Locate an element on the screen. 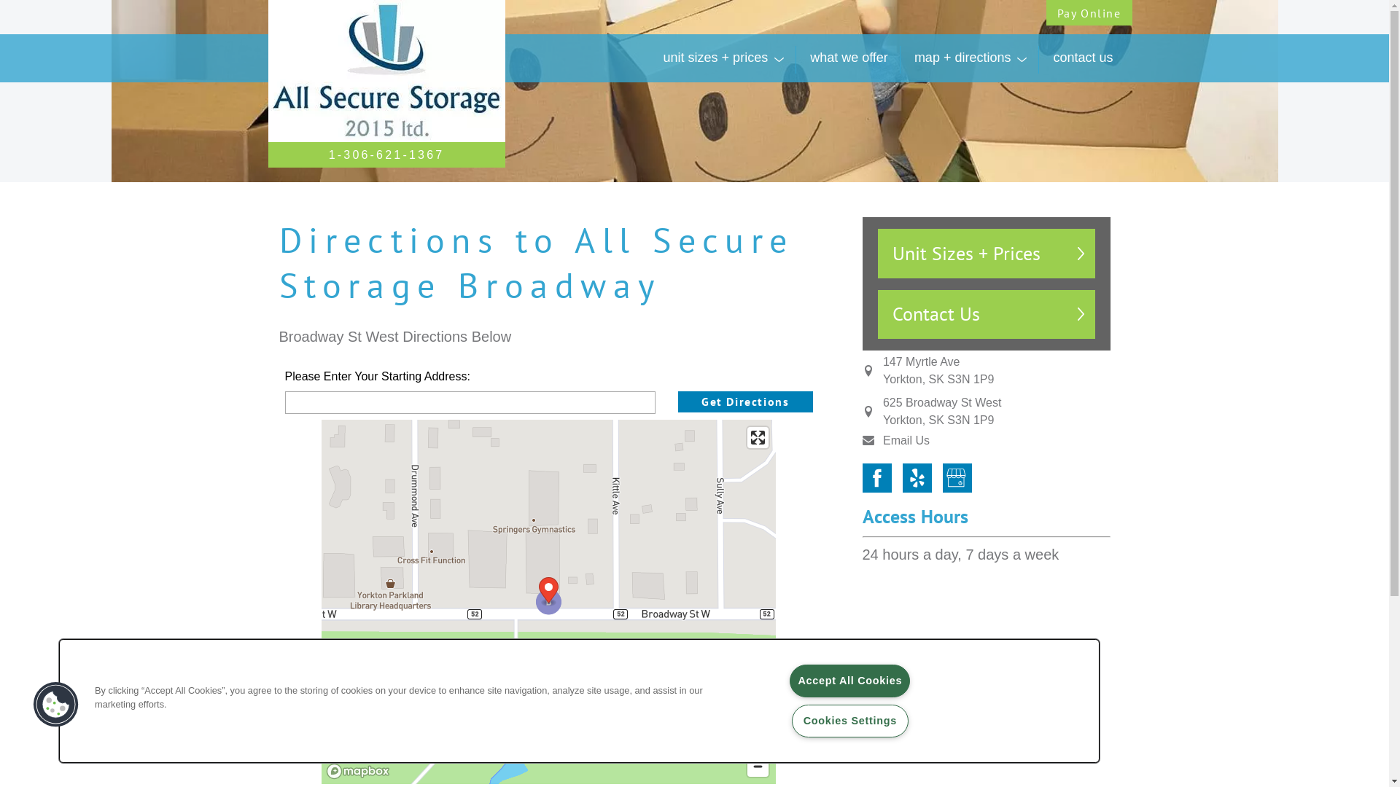 Image resolution: width=1400 pixels, height=787 pixels. 'Zoom out' is located at coordinates (747, 766).